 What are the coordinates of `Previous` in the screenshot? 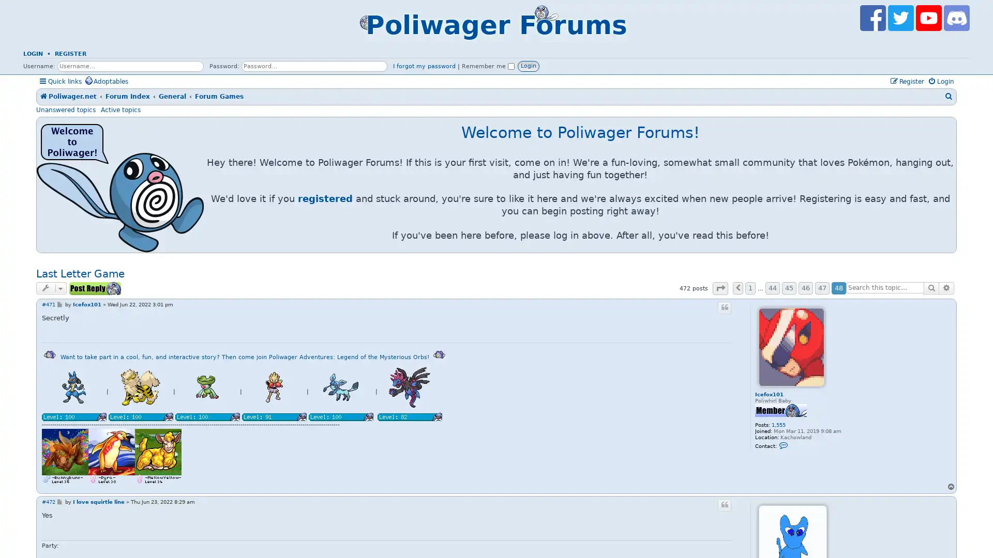 It's located at (737, 288).